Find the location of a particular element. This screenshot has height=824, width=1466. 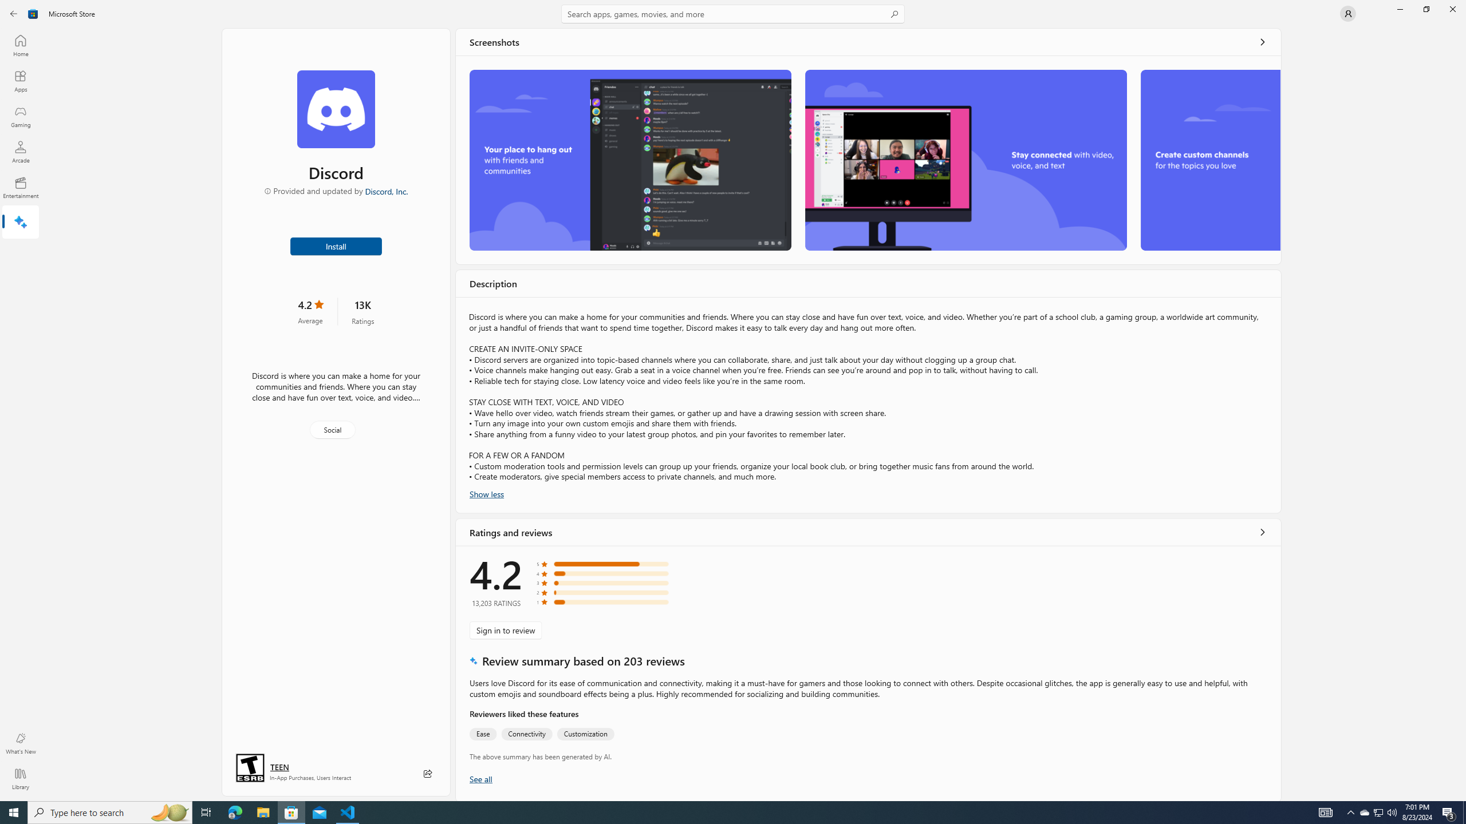

'Discord, Inc.' is located at coordinates (385, 191).